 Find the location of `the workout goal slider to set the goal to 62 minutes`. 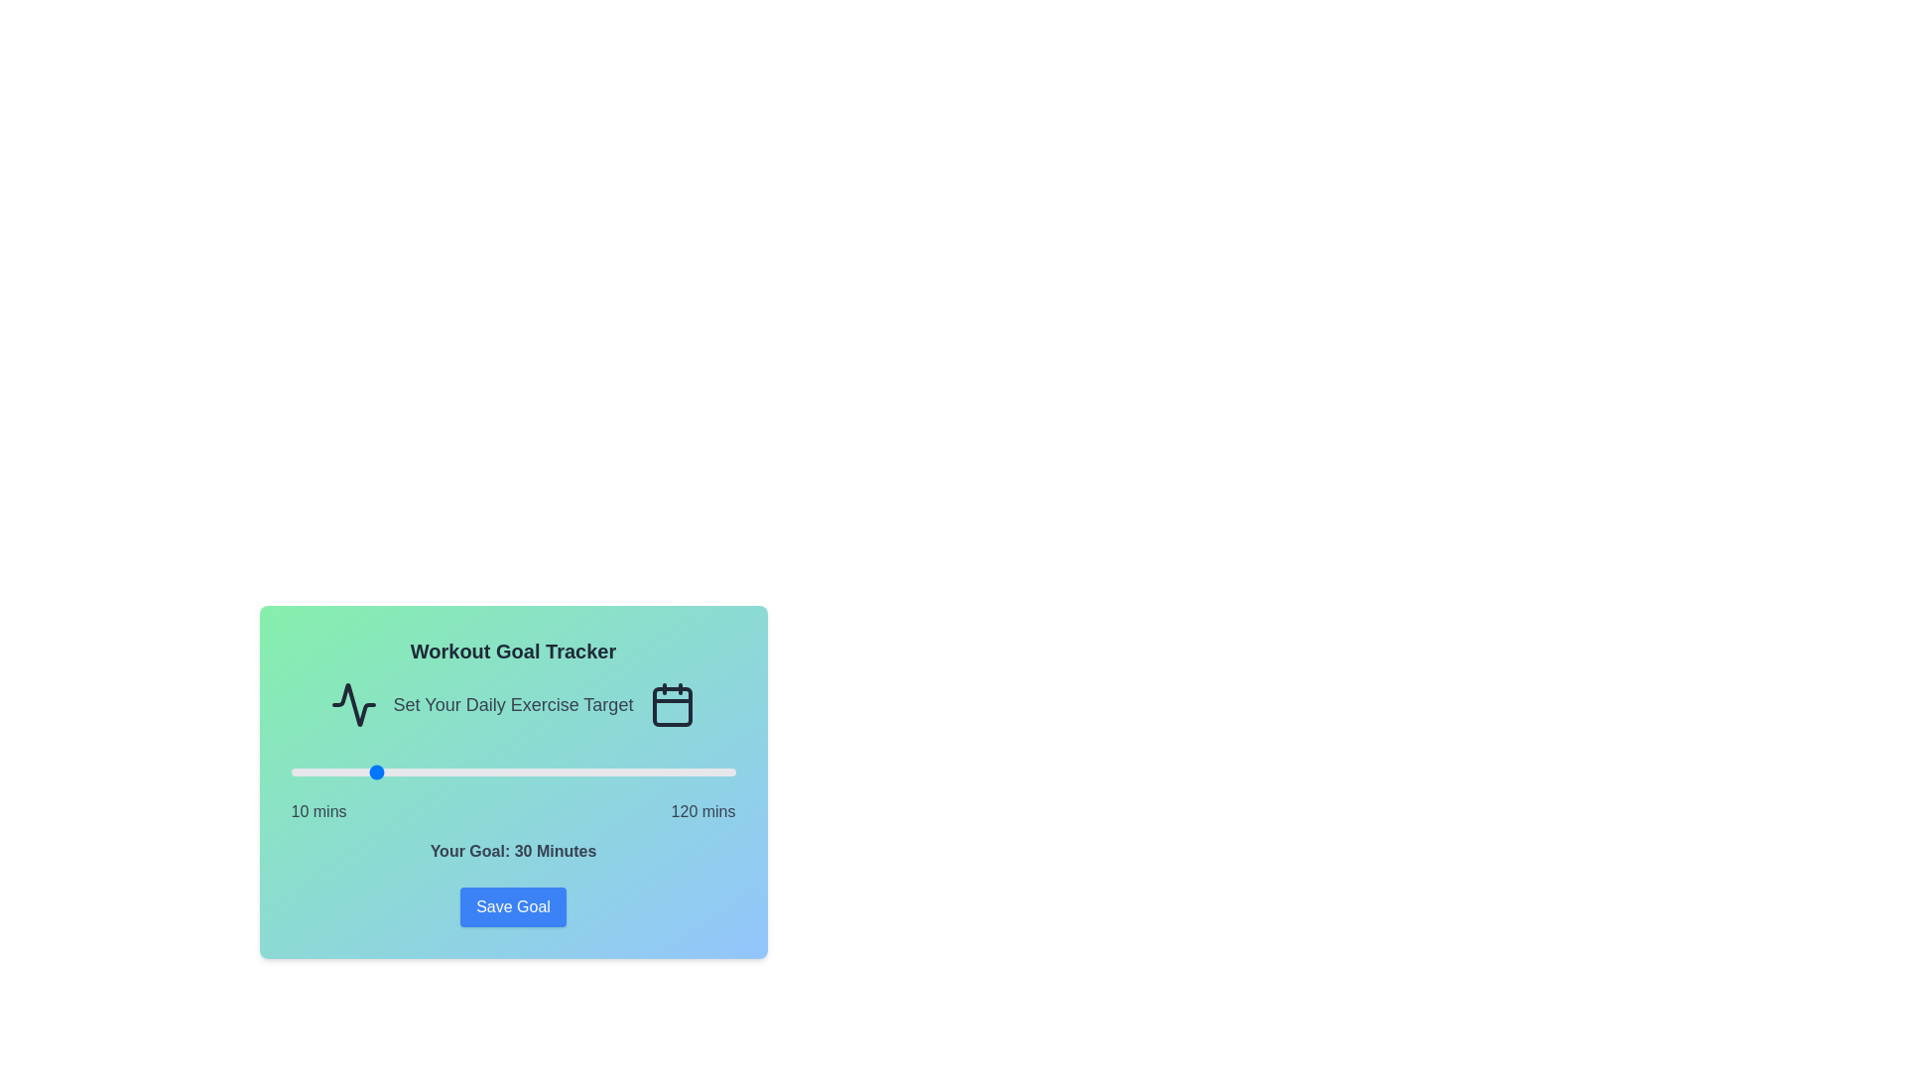

the workout goal slider to set the goal to 62 minutes is located at coordinates (501, 772).